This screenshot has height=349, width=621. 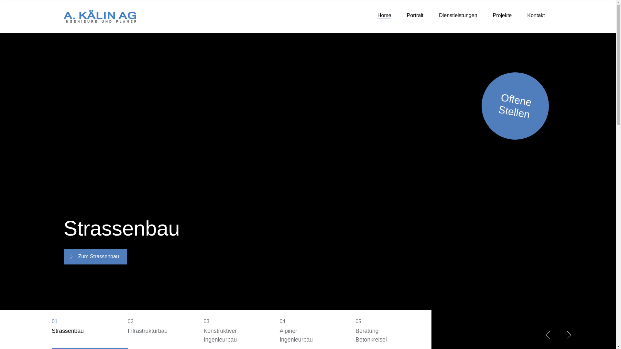 What do you see at coordinates (384, 15) in the screenshot?
I see `'Home'` at bounding box center [384, 15].